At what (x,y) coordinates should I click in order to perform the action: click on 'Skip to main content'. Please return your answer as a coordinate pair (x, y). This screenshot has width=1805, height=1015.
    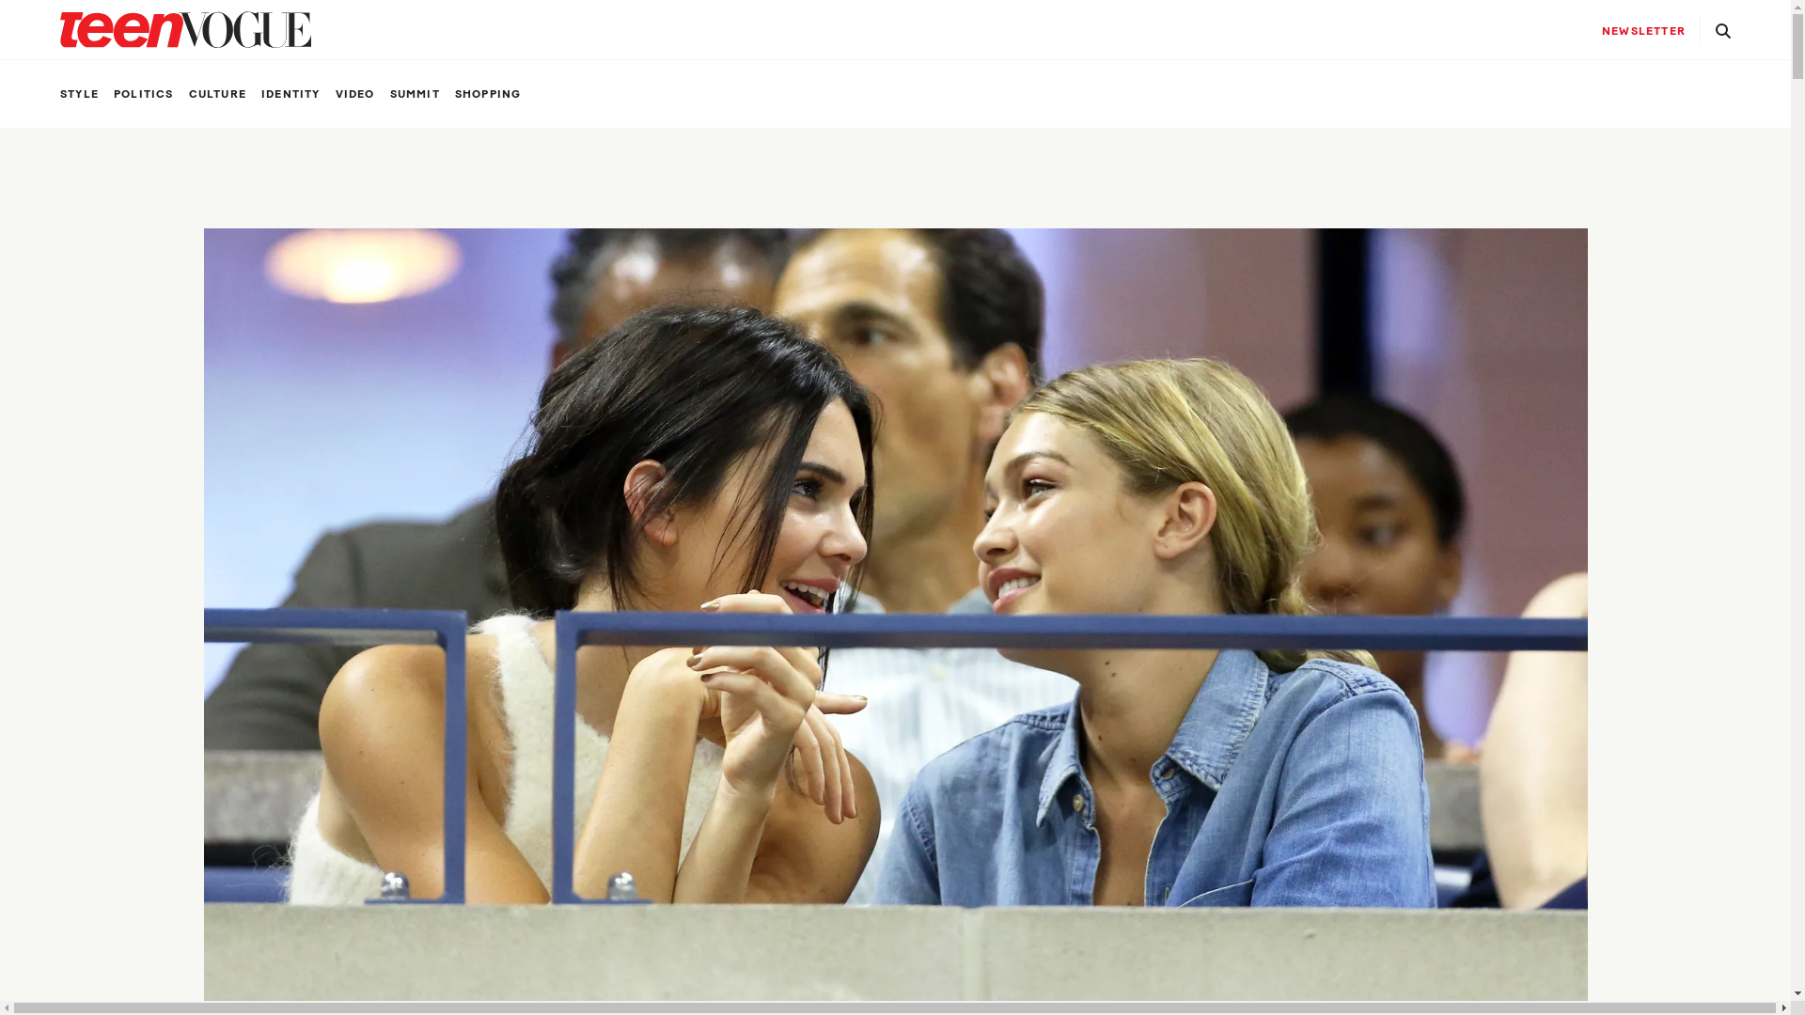
    Looking at the image, I should click on (0, 0).